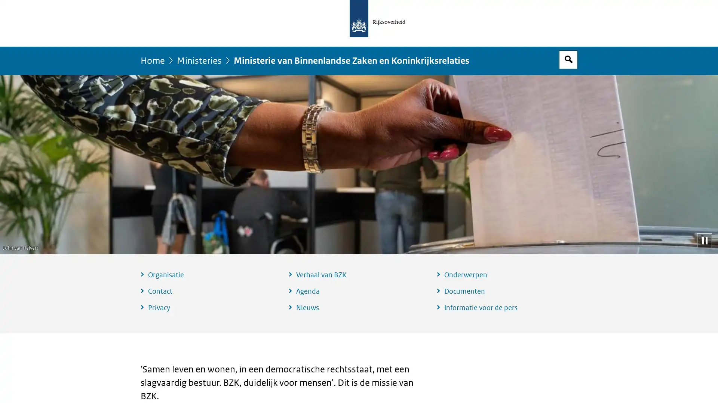 This screenshot has height=403, width=718. Describe the element at coordinates (704, 240) in the screenshot. I see `Pauzeer diashow` at that location.